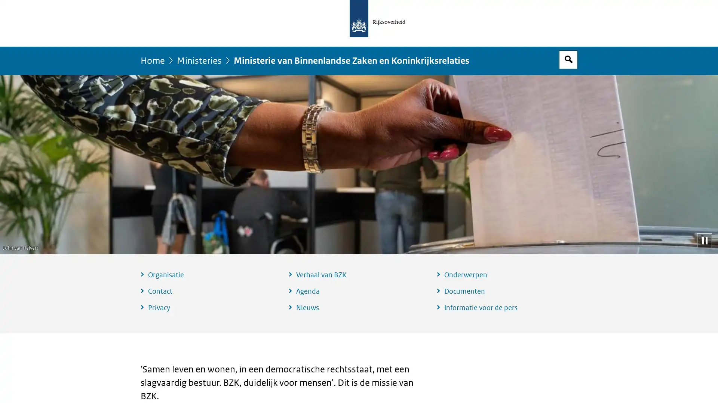 This screenshot has height=403, width=718. Describe the element at coordinates (704, 240) in the screenshot. I see `Pauzeer diashow` at that location.